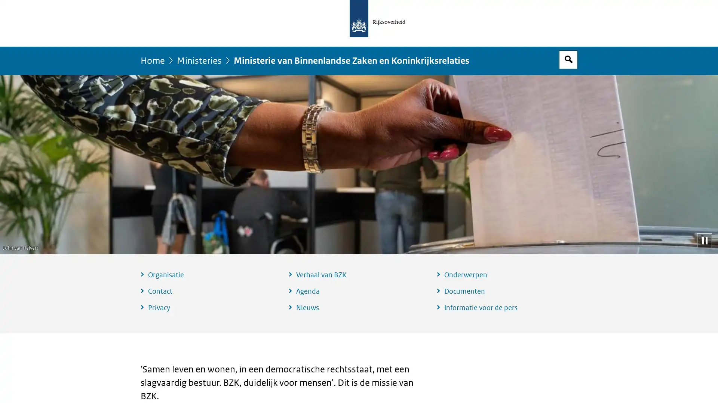 This screenshot has height=403, width=718. Describe the element at coordinates (704, 240) in the screenshot. I see `Pauzeer diashow` at that location.